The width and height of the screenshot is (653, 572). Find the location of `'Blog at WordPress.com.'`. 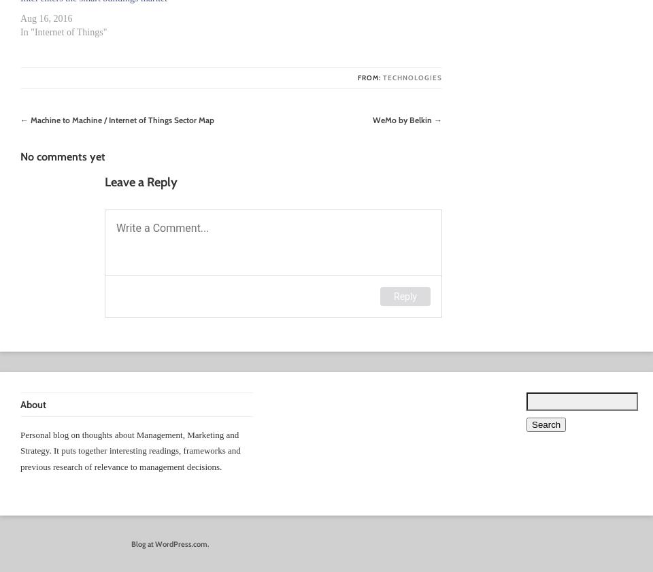

'Blog at WordPress.com.' is located at coordinates (169, 543).